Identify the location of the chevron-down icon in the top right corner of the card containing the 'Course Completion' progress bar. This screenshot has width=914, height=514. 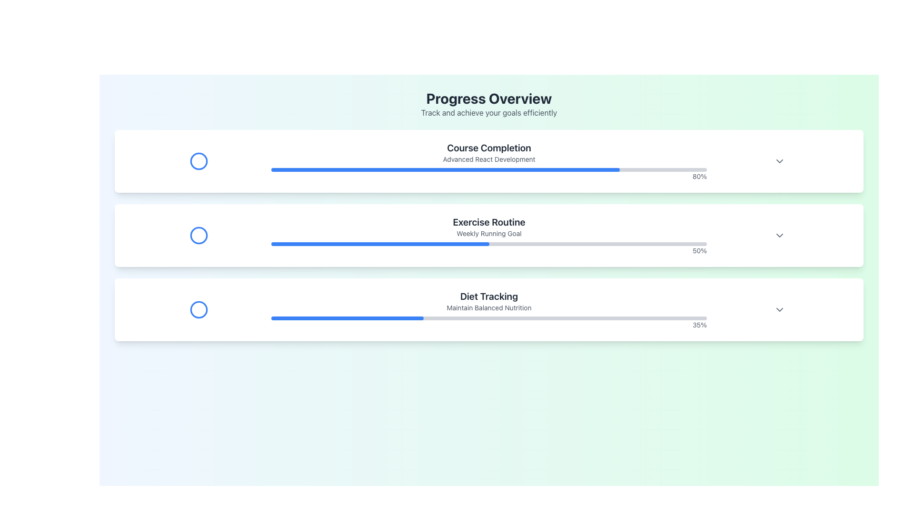
(779, 161).